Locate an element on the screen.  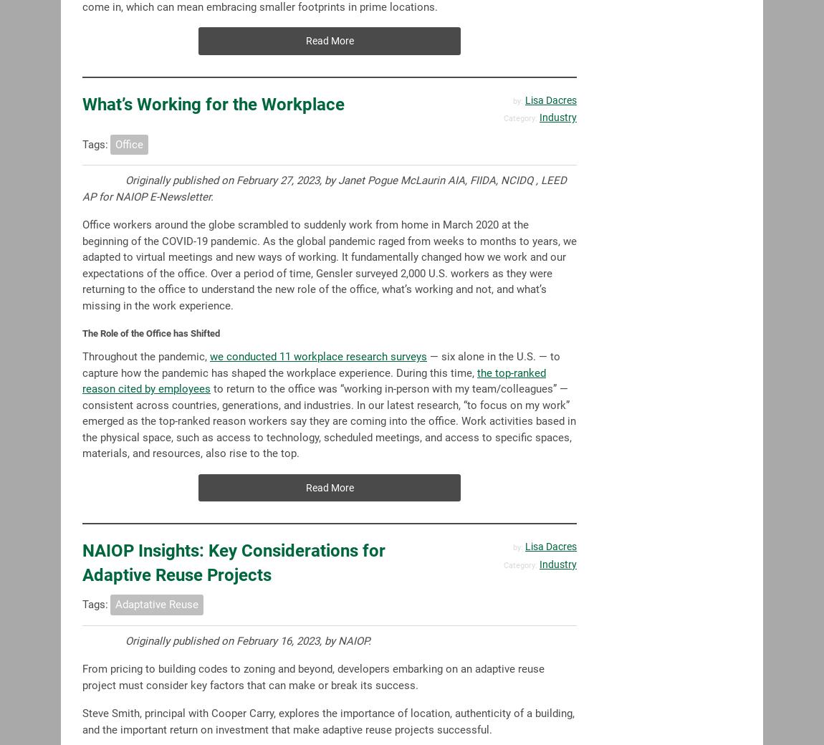
'Adaptative Reuse' is located at coordinates (155, 603).